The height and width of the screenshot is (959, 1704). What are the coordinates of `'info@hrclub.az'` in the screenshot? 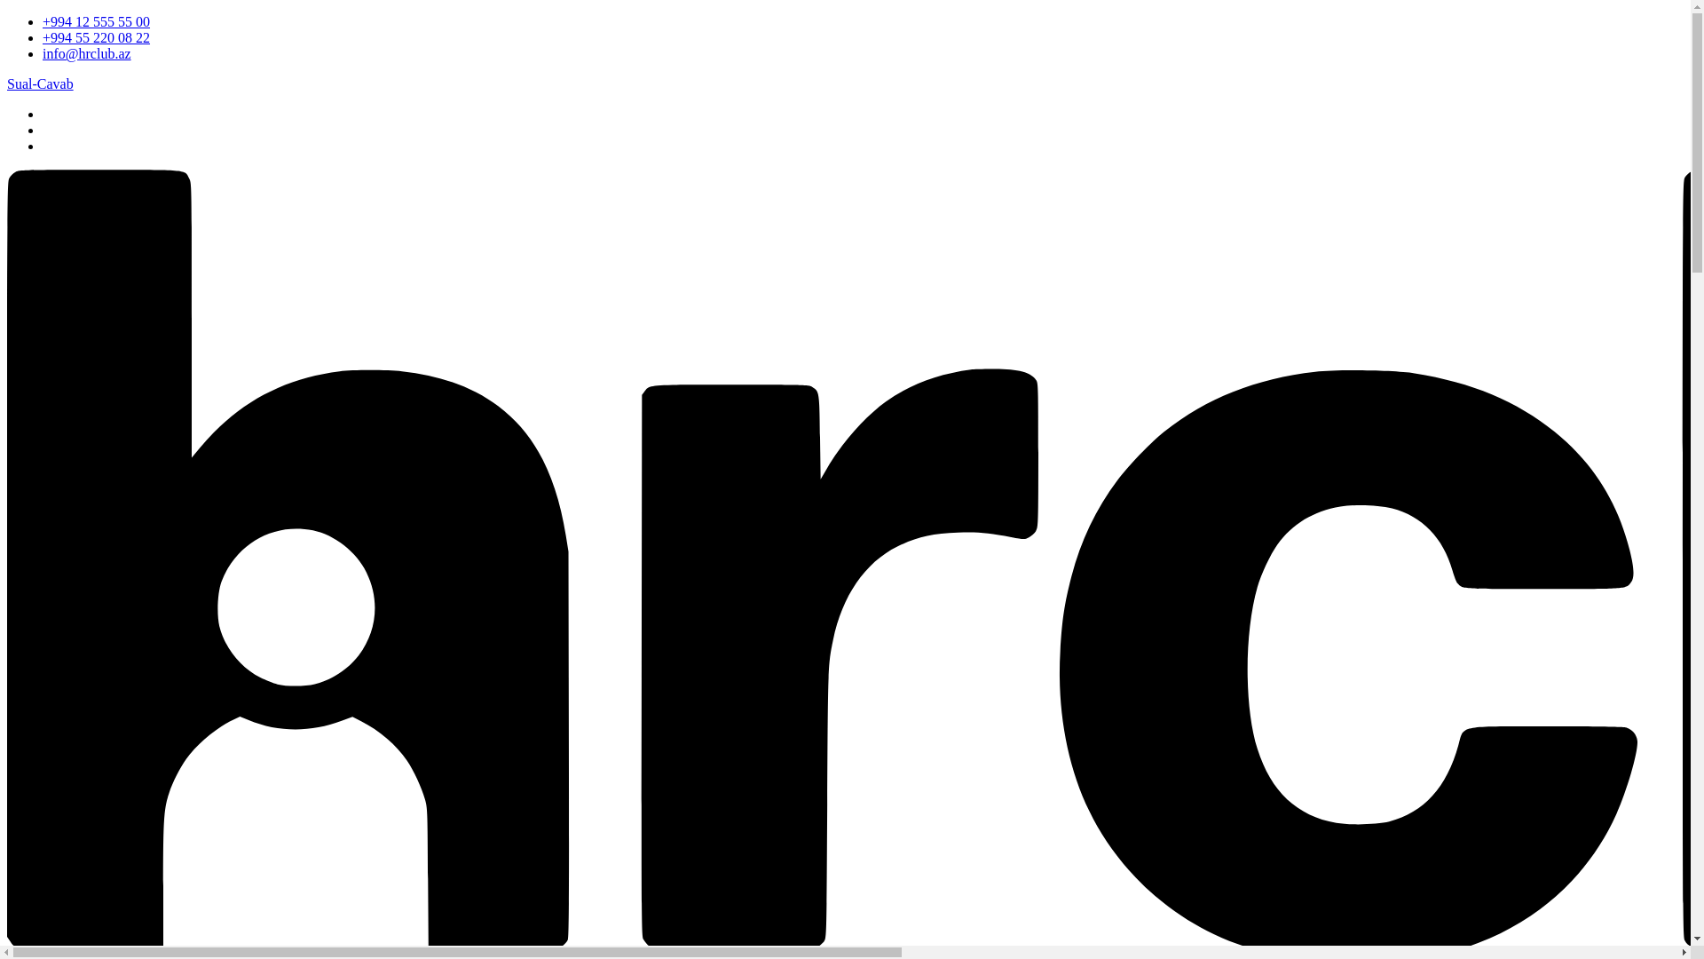 It's located at (85, 52).